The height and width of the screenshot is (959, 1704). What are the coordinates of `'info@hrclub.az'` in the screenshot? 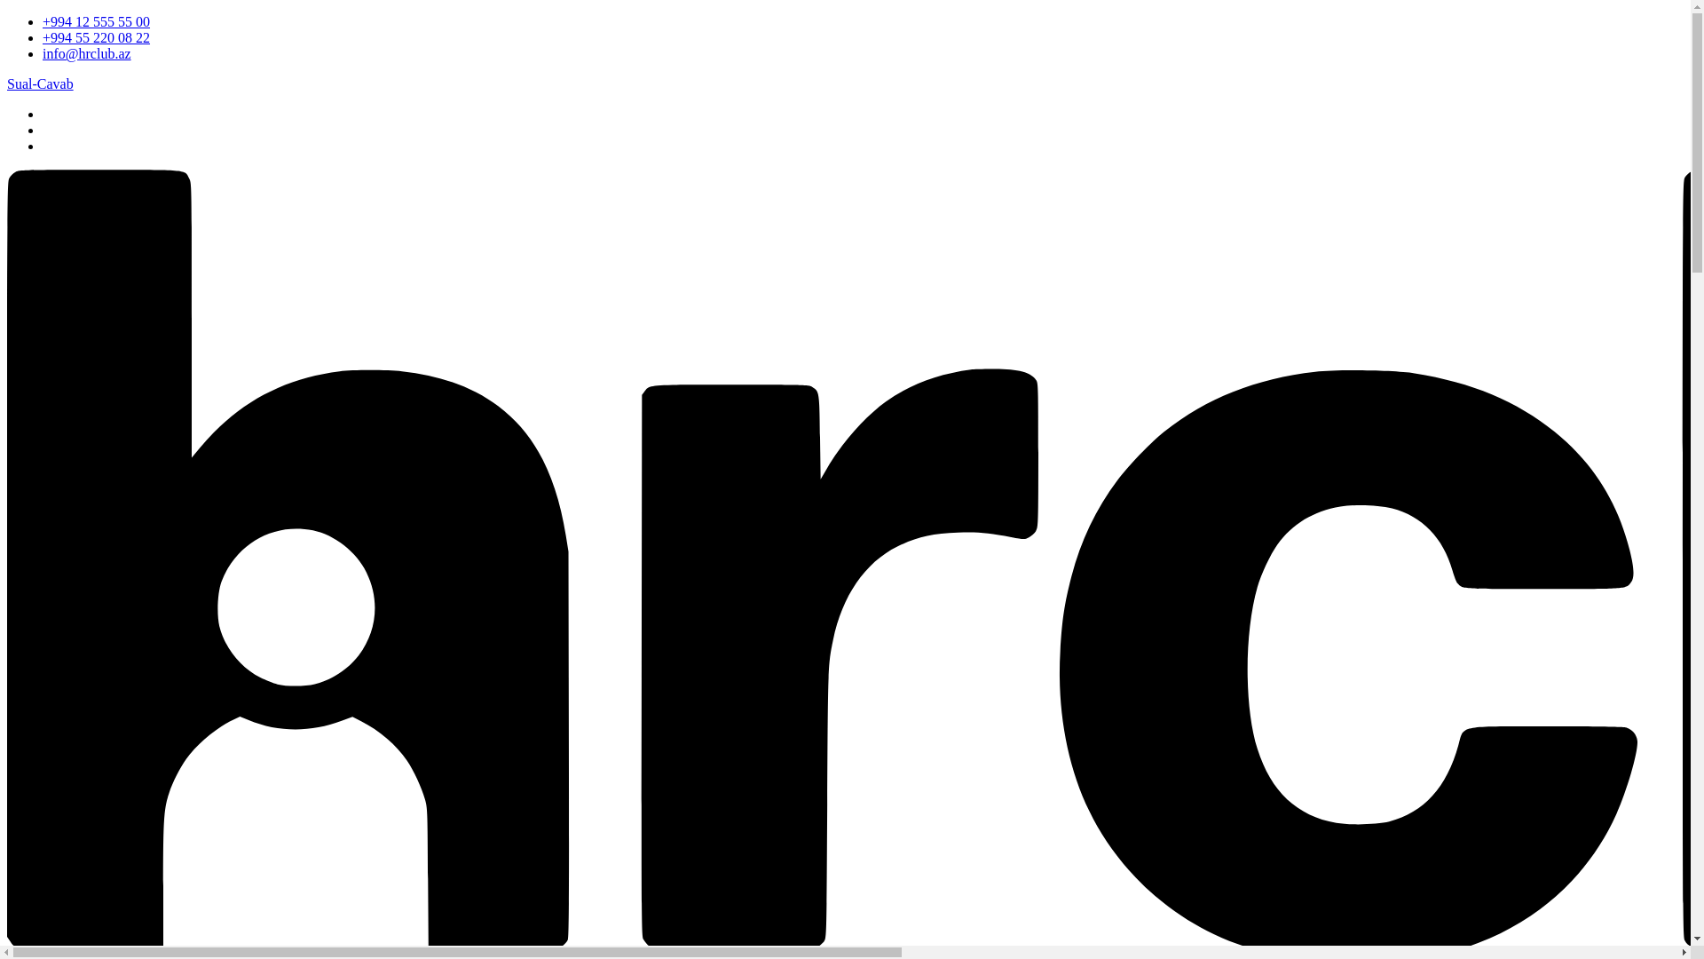 It's located at (85, 52).